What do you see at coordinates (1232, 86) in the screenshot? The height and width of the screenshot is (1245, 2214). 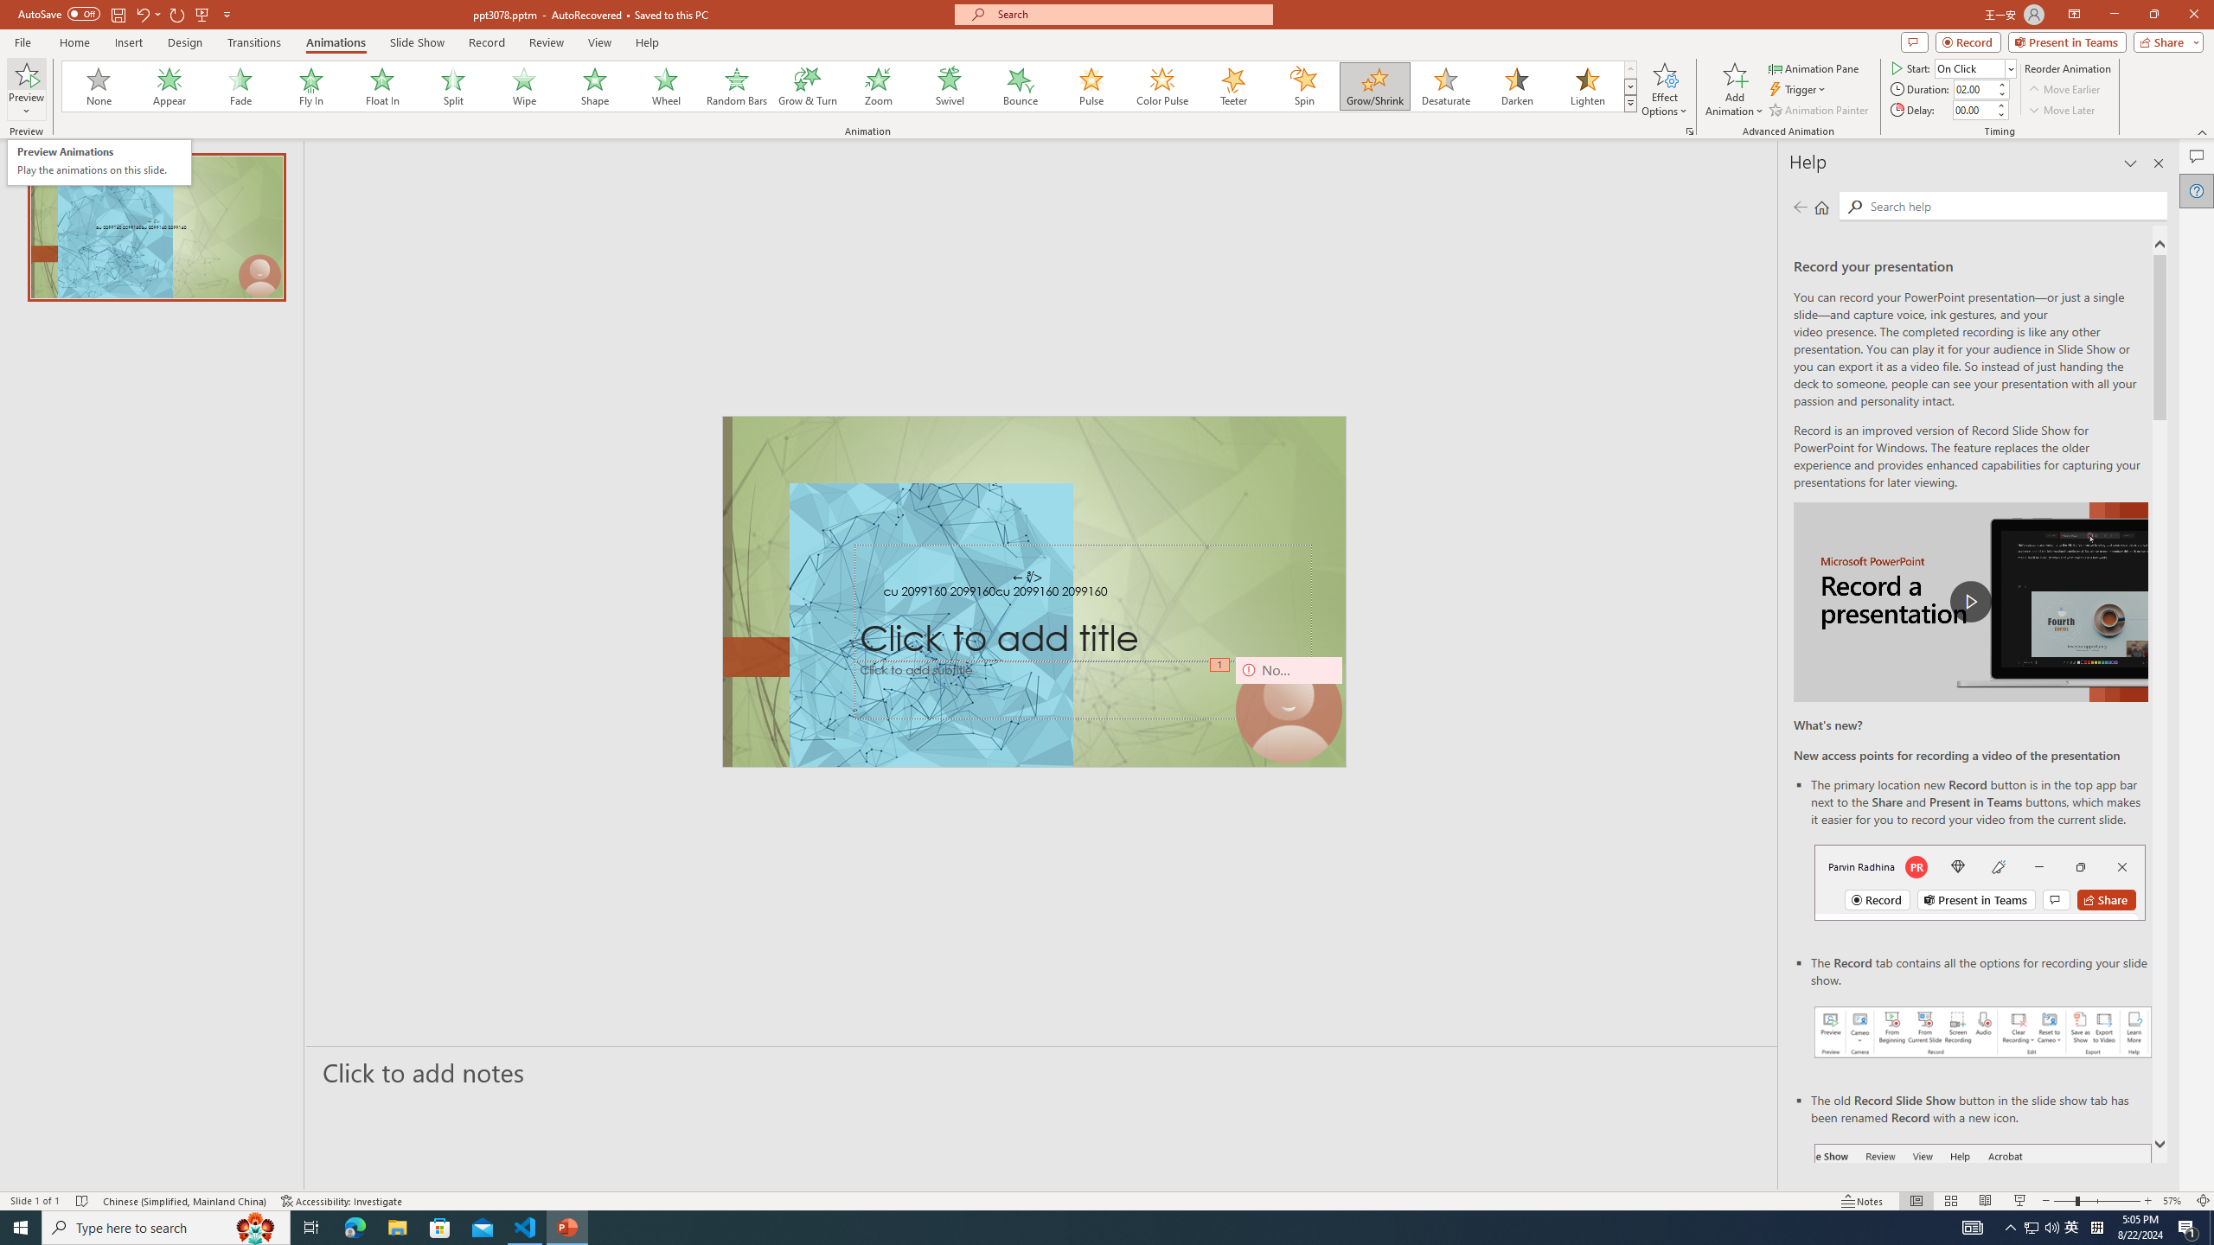 I see `'Teeter'` at bounding box center [1232, 86].